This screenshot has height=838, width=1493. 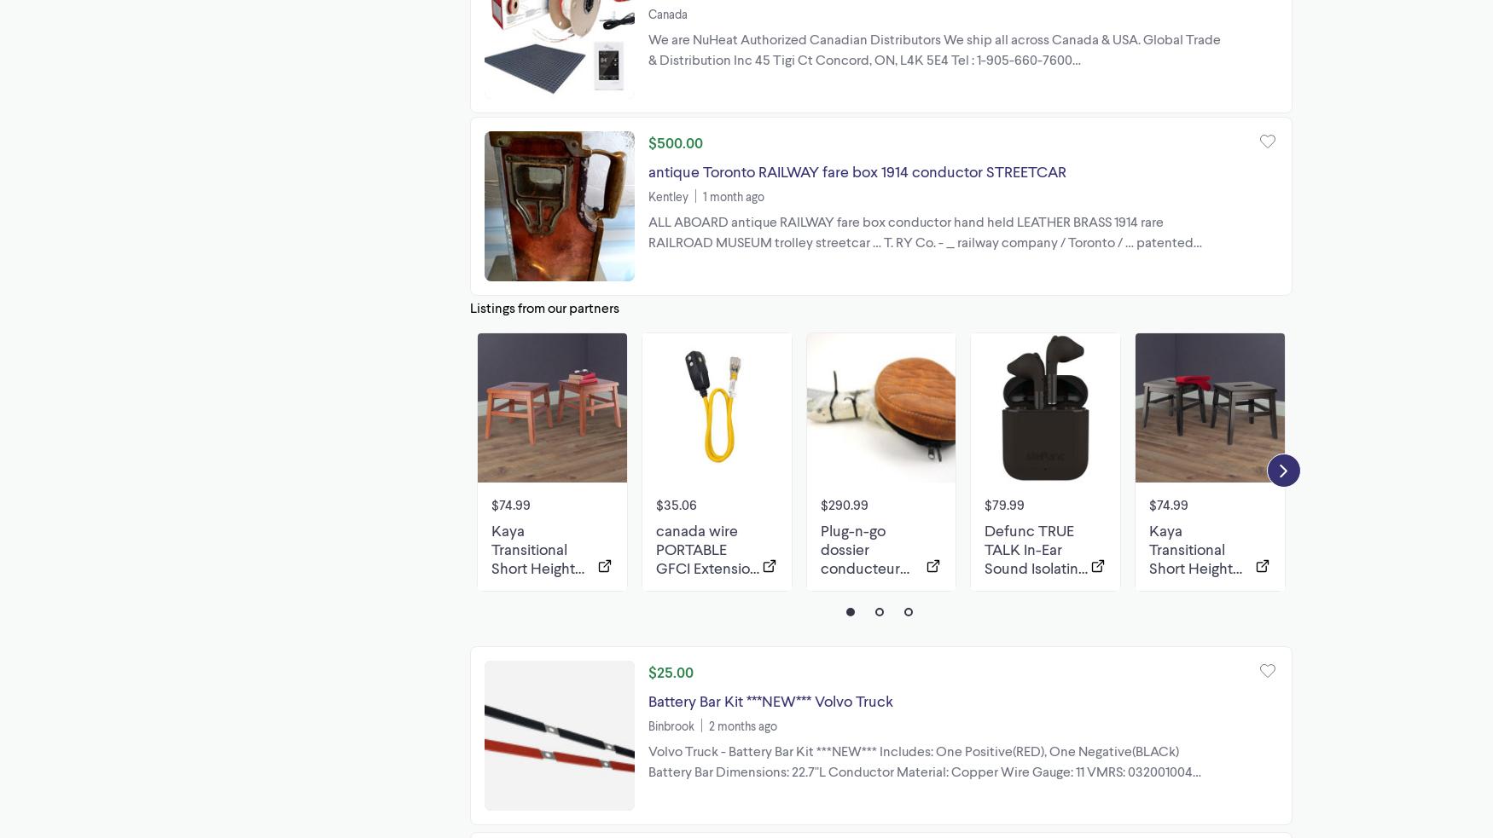 What do you see at coordinates (843, 503) in the screenshot?
I see `'$290.99'` at bounding box center [843, 503].